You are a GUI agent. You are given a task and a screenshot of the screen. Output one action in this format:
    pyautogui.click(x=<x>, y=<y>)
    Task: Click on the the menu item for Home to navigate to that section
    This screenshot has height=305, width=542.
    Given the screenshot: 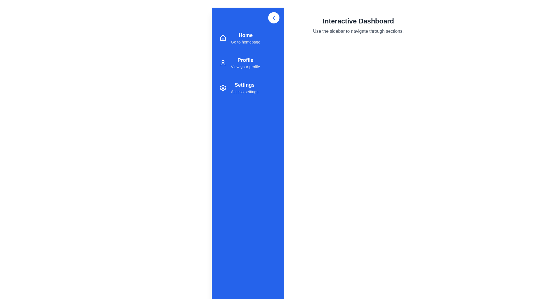 What is the action you would take?
    pyautogui.click(x=248, y=38)
    